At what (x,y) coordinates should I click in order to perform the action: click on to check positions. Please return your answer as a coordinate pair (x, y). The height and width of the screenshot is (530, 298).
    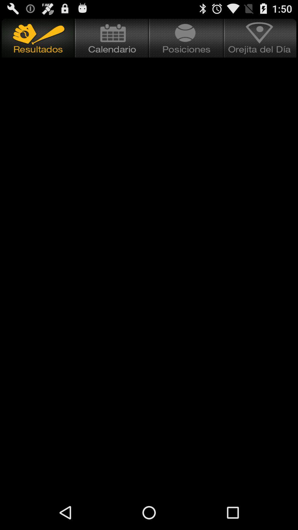
    Looking at the image, I should click on (186, 38).